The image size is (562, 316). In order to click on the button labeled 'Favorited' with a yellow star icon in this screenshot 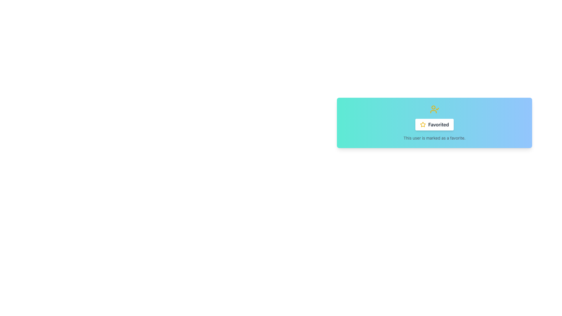, I will do `click(434, 124)`.